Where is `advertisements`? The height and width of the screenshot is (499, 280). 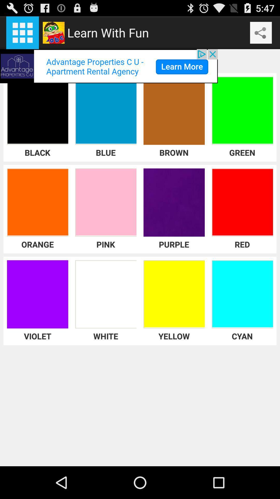 advertisements is located at coordinates (109, 66).